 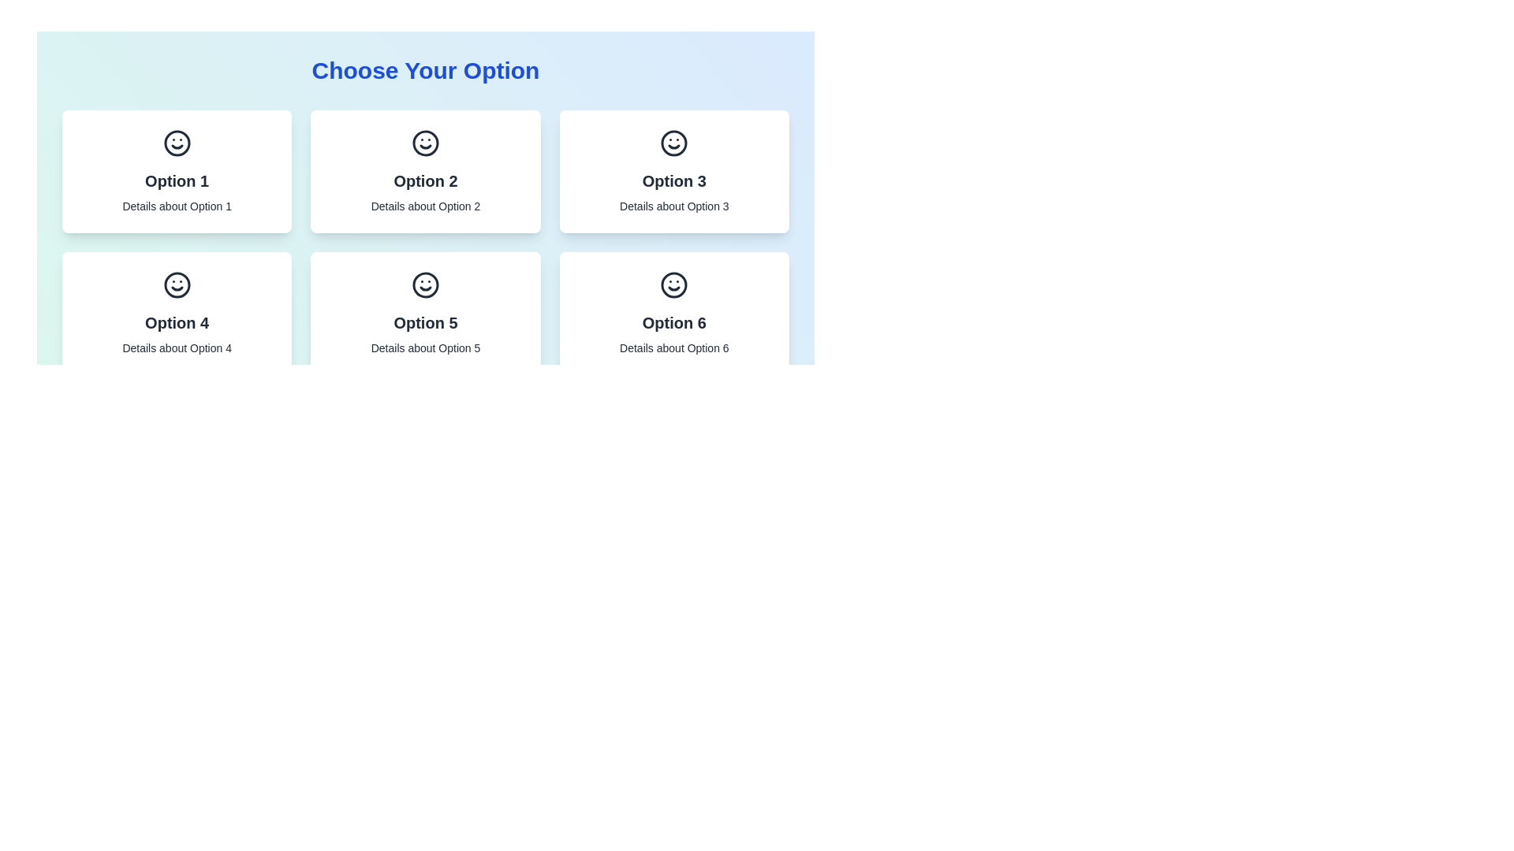 I want to click on the descriptive text label located at the bottom of the 'Option 6' card, which provides additional information about the card, so click(x=674, y=347).